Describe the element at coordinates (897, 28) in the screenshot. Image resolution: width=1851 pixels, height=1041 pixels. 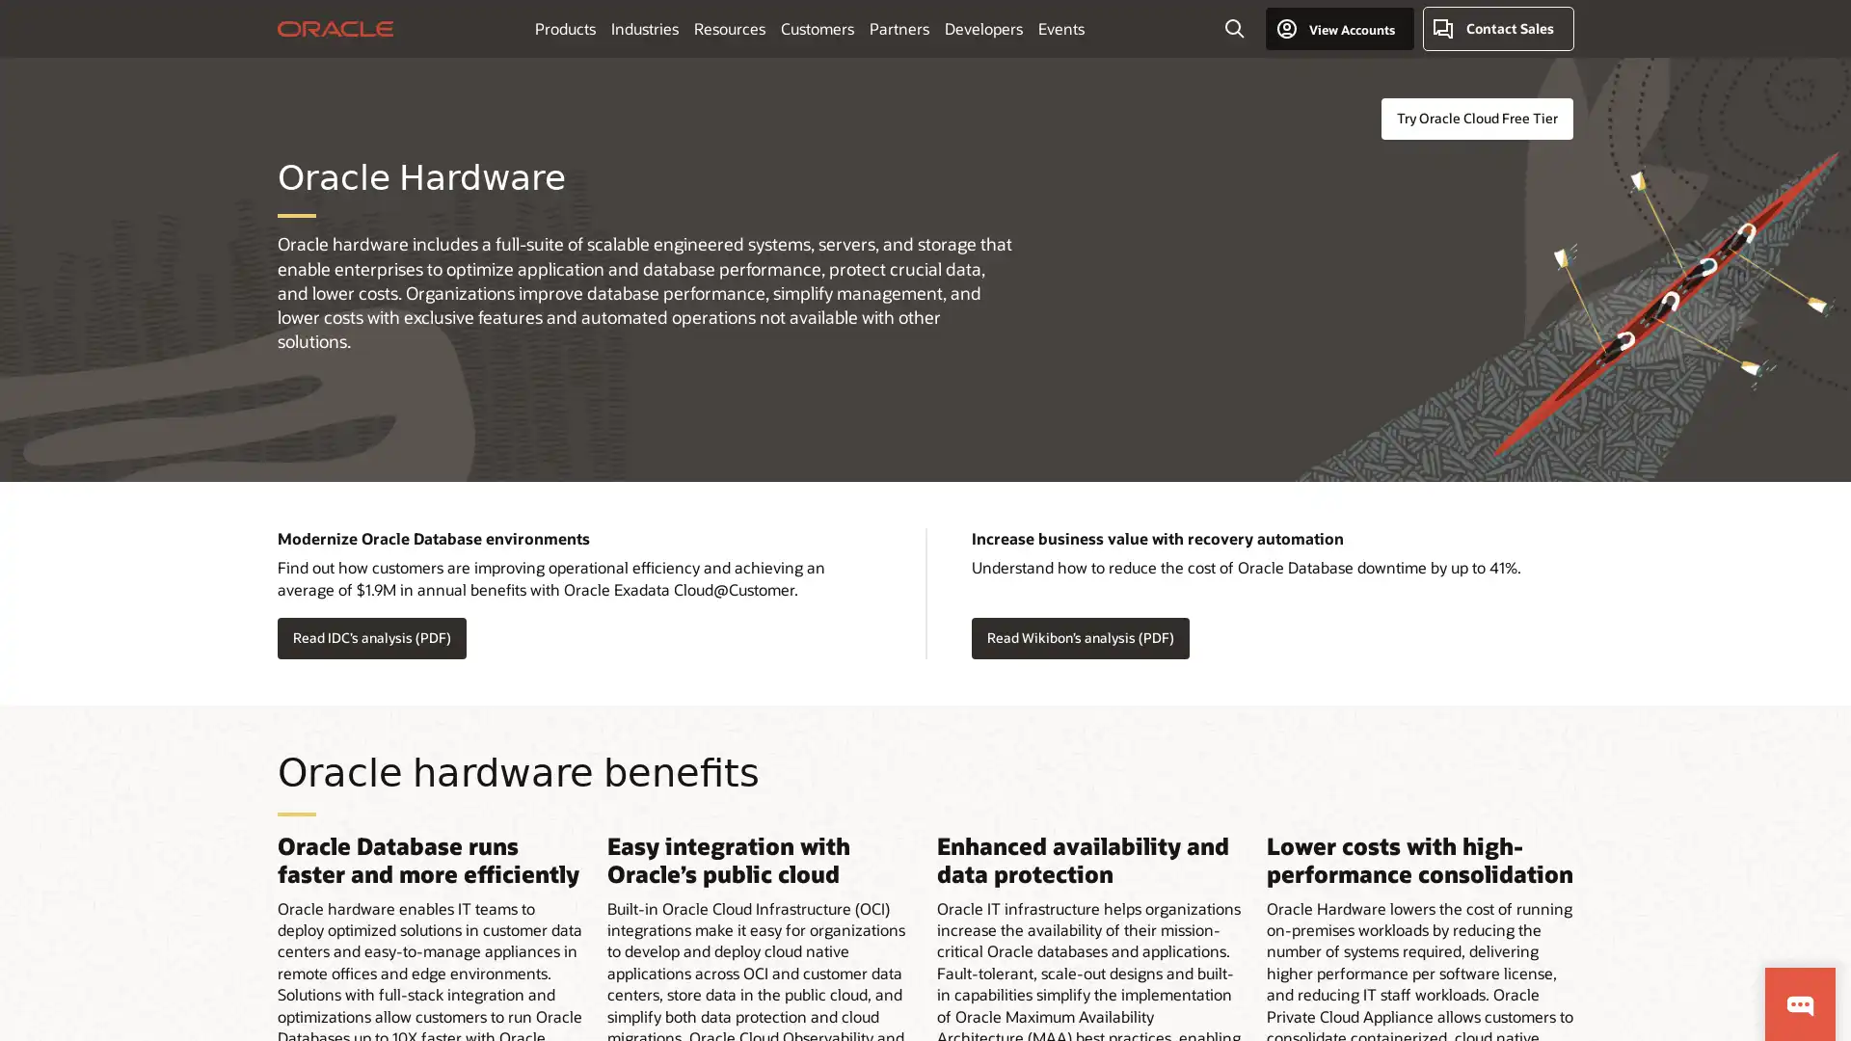
I see `Partners` at that location.